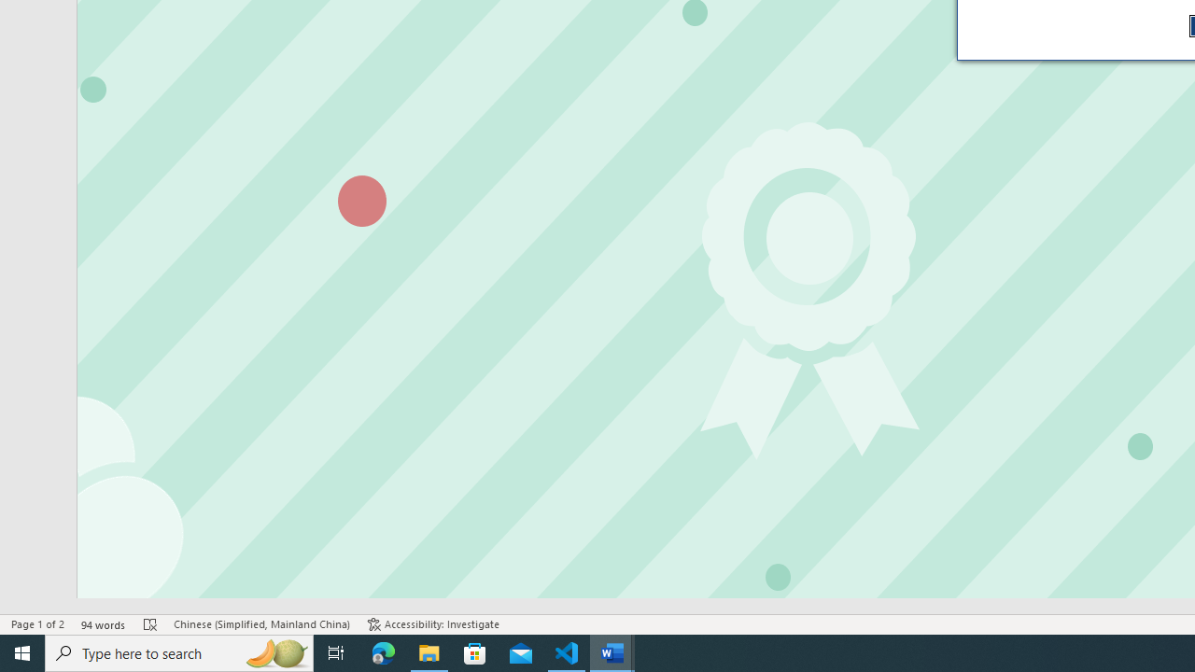 The height and width of the screenshot is (672, 1195). I want to click on 'Spelling and Grammar Check Errors', so click(150, 624).